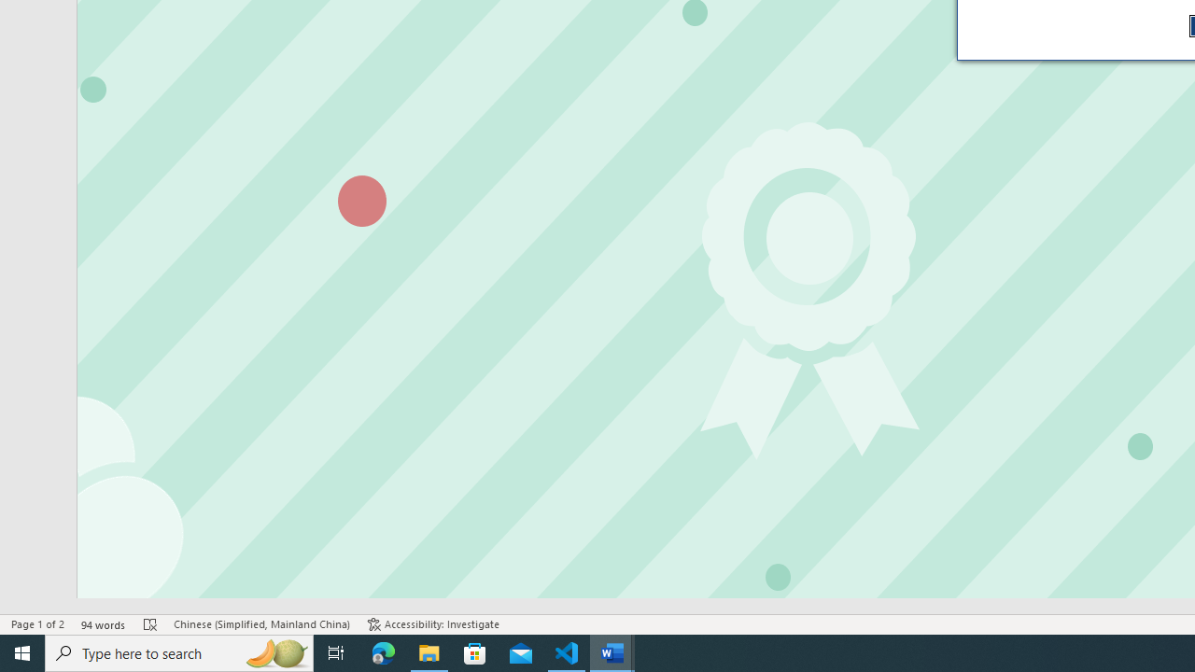 The height and width of the screenshot is (672, 1195). I want to click on 'Spelling and Grammar Check Errors', so click(150, 624).